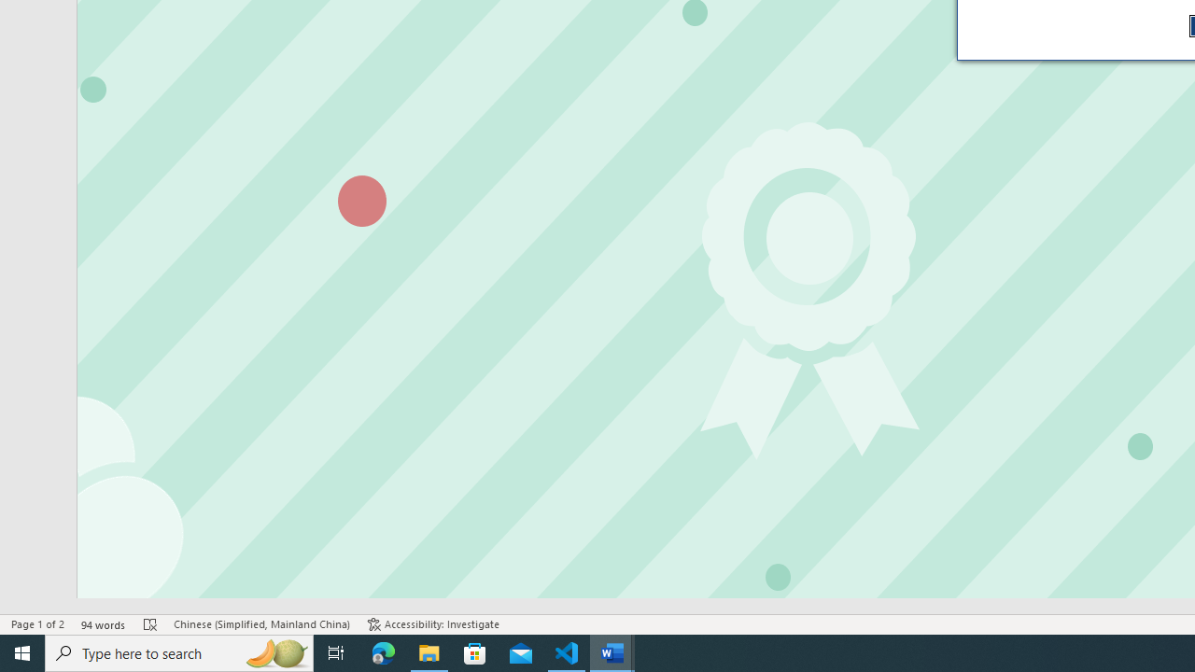 The height and width of the screenshot is (672, 1195). I want to click on 'Spelling and Grammar Check Errors', so click(150, 624).